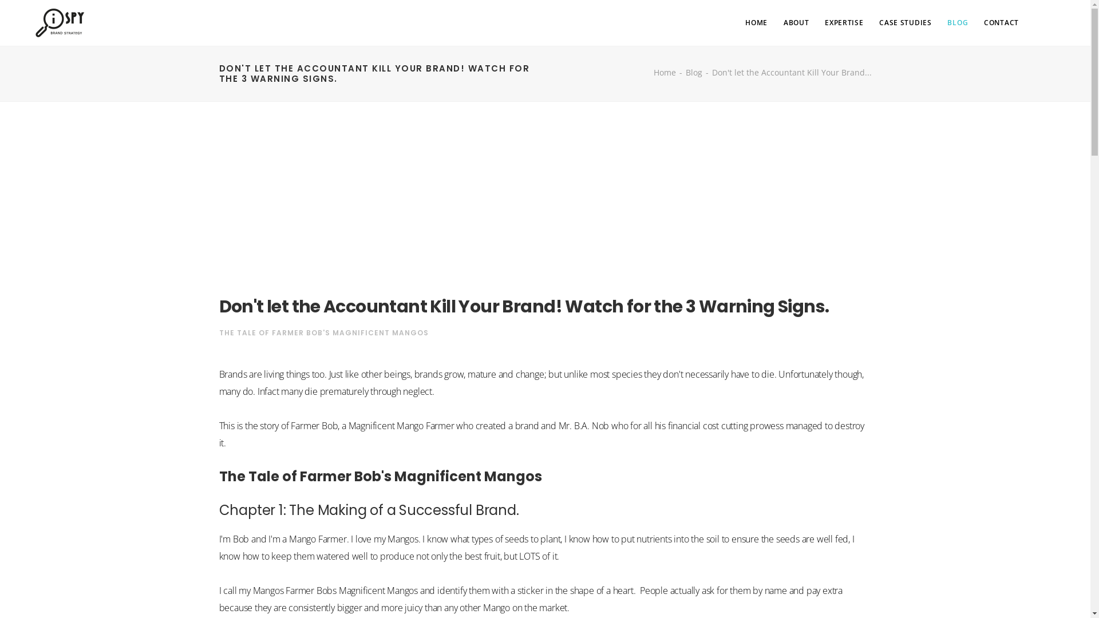 The height and width of the screenshot is (618, 1099). What do you see at coordinates (1001, 22) in the screenshot?
I see `'CONTACT'` at bounding box center [1001, 22].